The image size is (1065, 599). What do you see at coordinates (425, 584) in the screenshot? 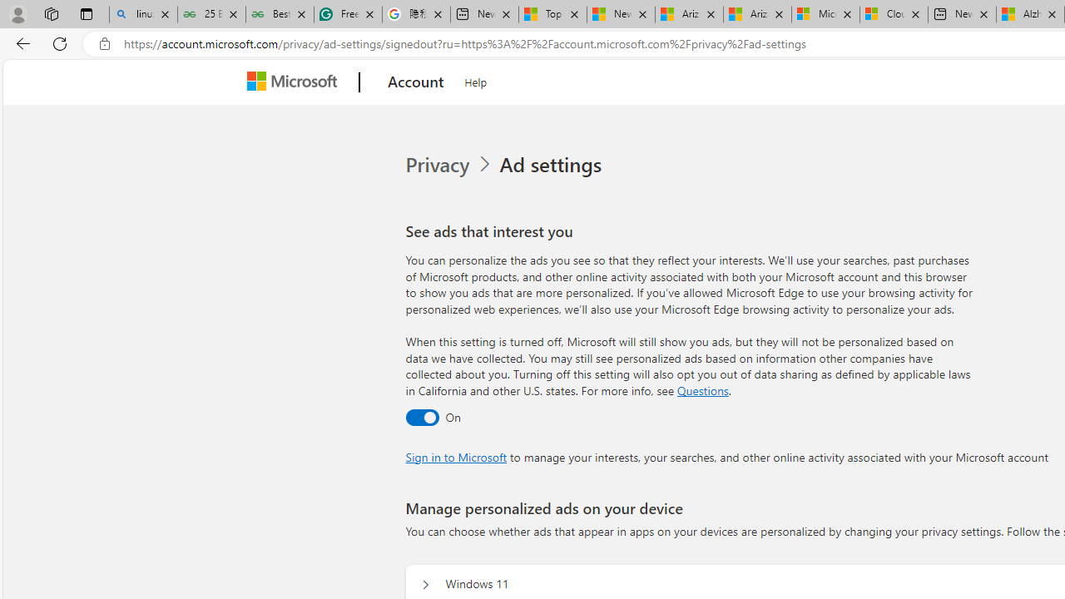
I see `'Manage personalized ads on your device Windows 11'` at bounding box center [425, 584].